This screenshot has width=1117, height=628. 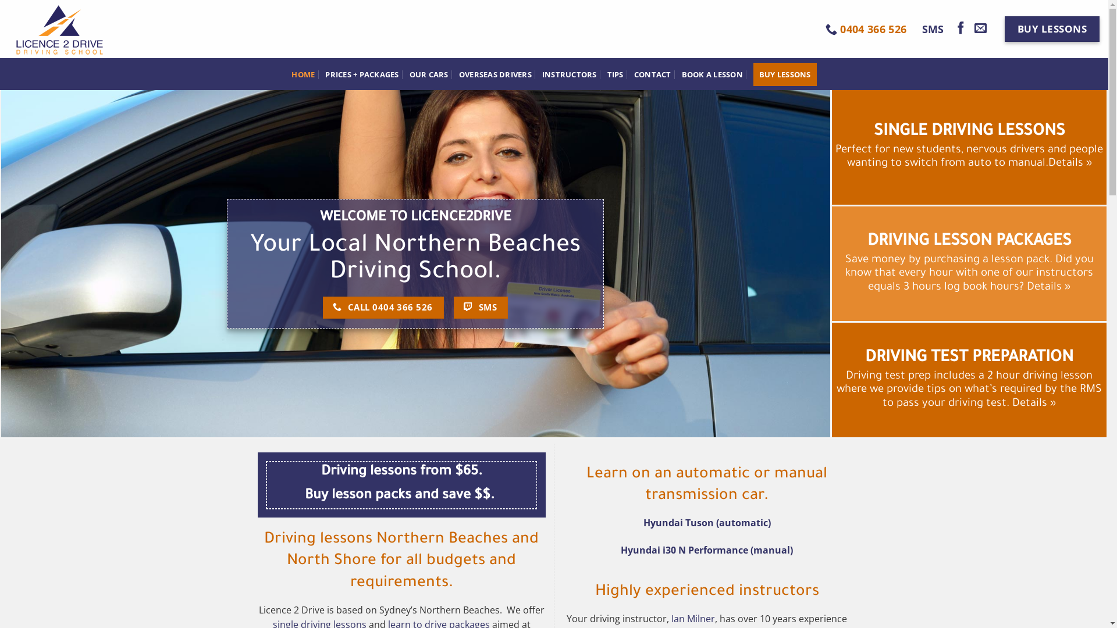 What do you see at coordinates (570, 74) in the screenshot?
I see `'INSTRUCTORS'` at bounding box center [570, 74].